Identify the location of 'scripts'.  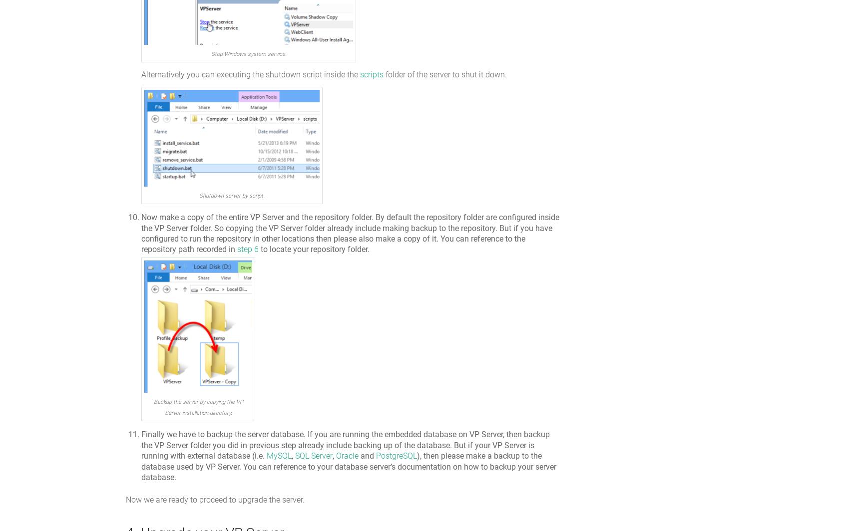
(372, 74).